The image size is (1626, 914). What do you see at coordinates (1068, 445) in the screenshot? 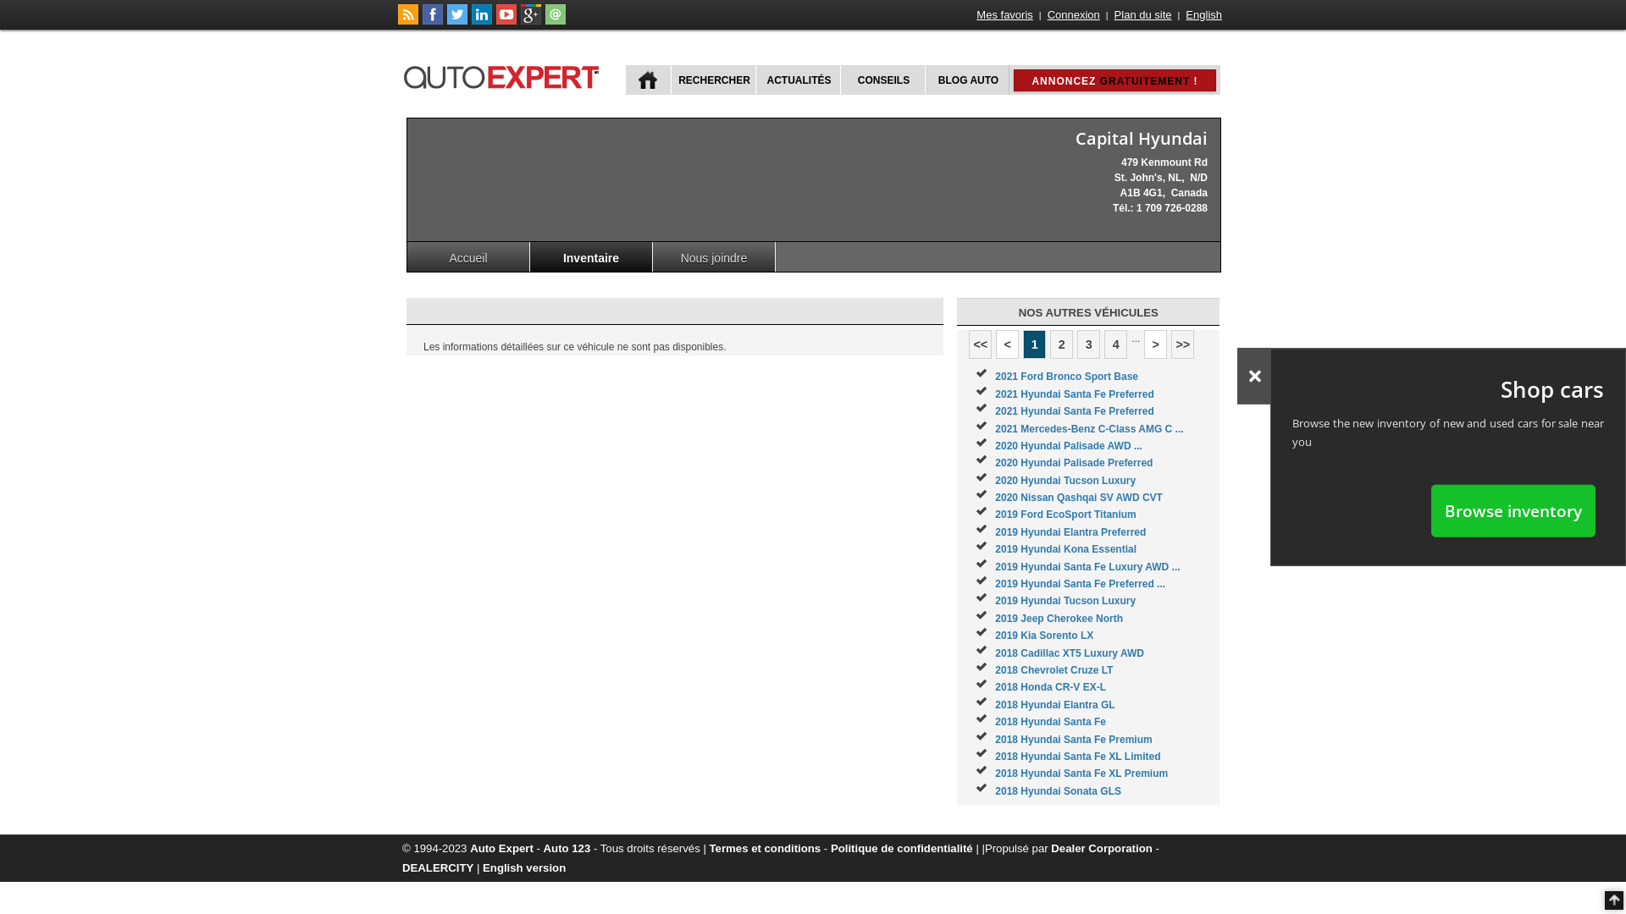
I see `'2020 Hyundai Palisade AWD ...'` at bounding box center [1068, 445].